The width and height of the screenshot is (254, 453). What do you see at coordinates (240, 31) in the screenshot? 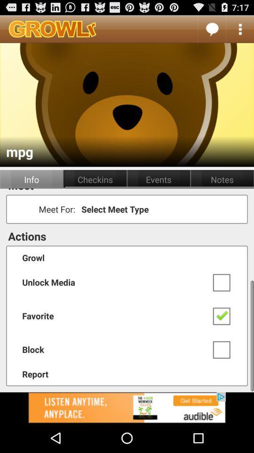
I see `the more icon` at bounding box center [240, 31].